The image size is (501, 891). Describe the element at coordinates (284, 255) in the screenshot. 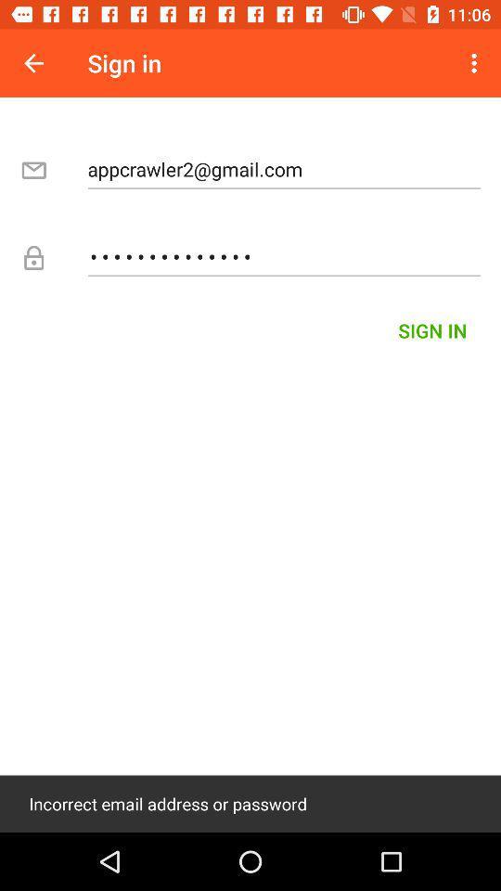

I see `the appcrawler3116` at that location.